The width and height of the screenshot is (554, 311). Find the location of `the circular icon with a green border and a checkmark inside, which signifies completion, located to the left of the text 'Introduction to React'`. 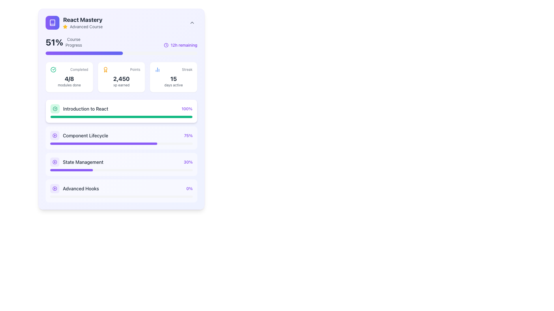

the circular icon with a green border and a checkmark inside, which signifies completion, located to the left of the text 'Introduction to React' is located at coordinates (55, 109).